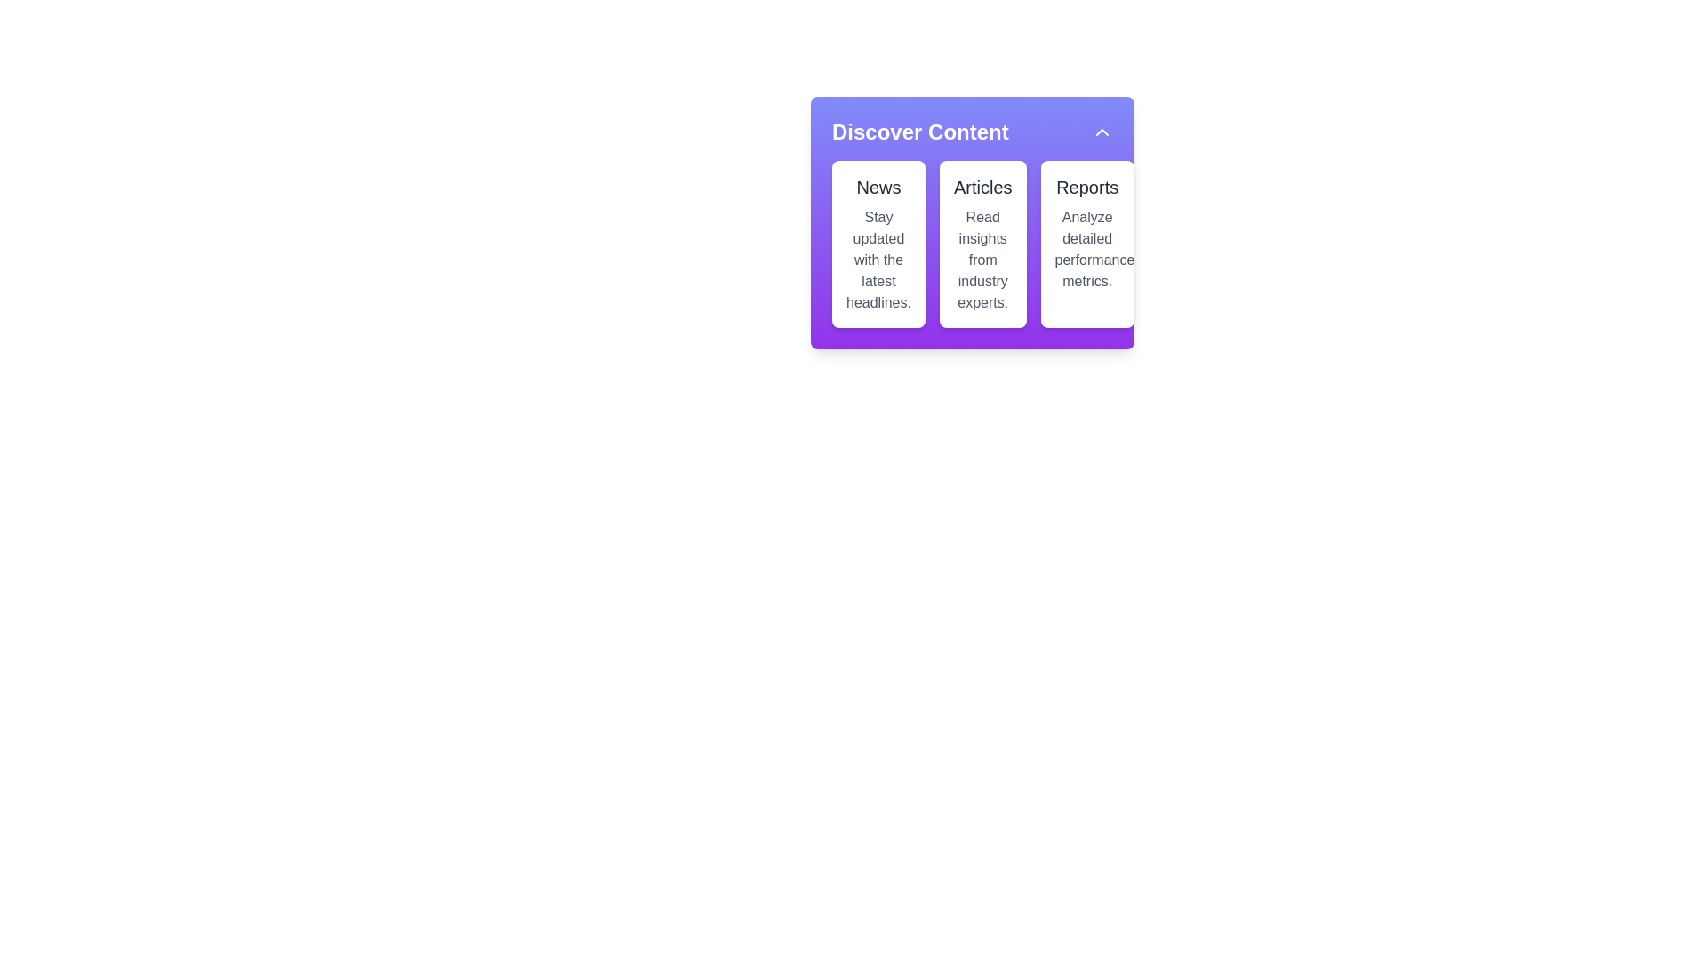 The image size is (1707, 960). What do you see at coordinates (1101, 132) in the screenshot?
I see `the upward chevron icon button located` at bounding box center [1101, 132].